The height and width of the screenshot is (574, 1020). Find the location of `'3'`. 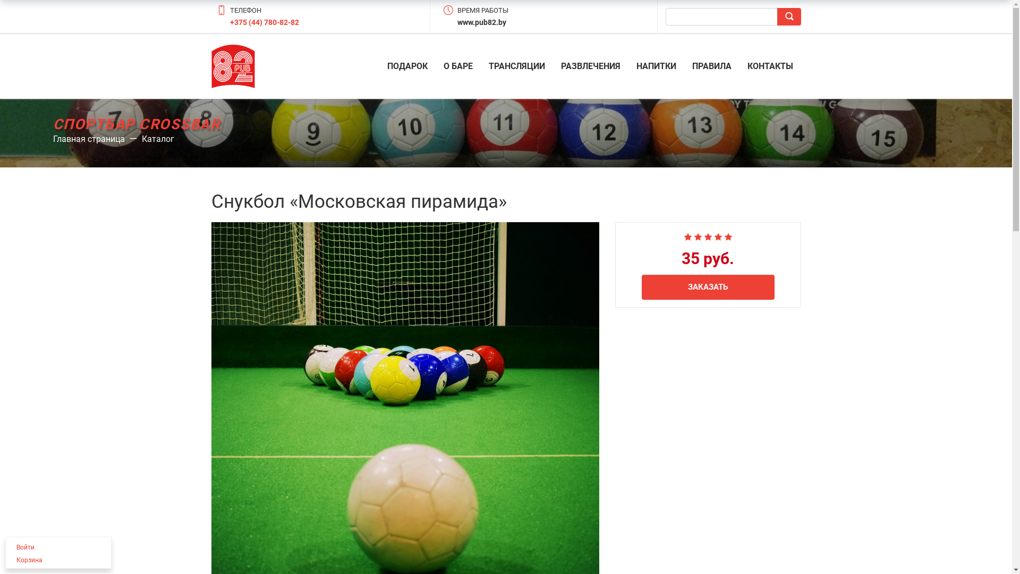

'3' is located at coordinates (707, 235).